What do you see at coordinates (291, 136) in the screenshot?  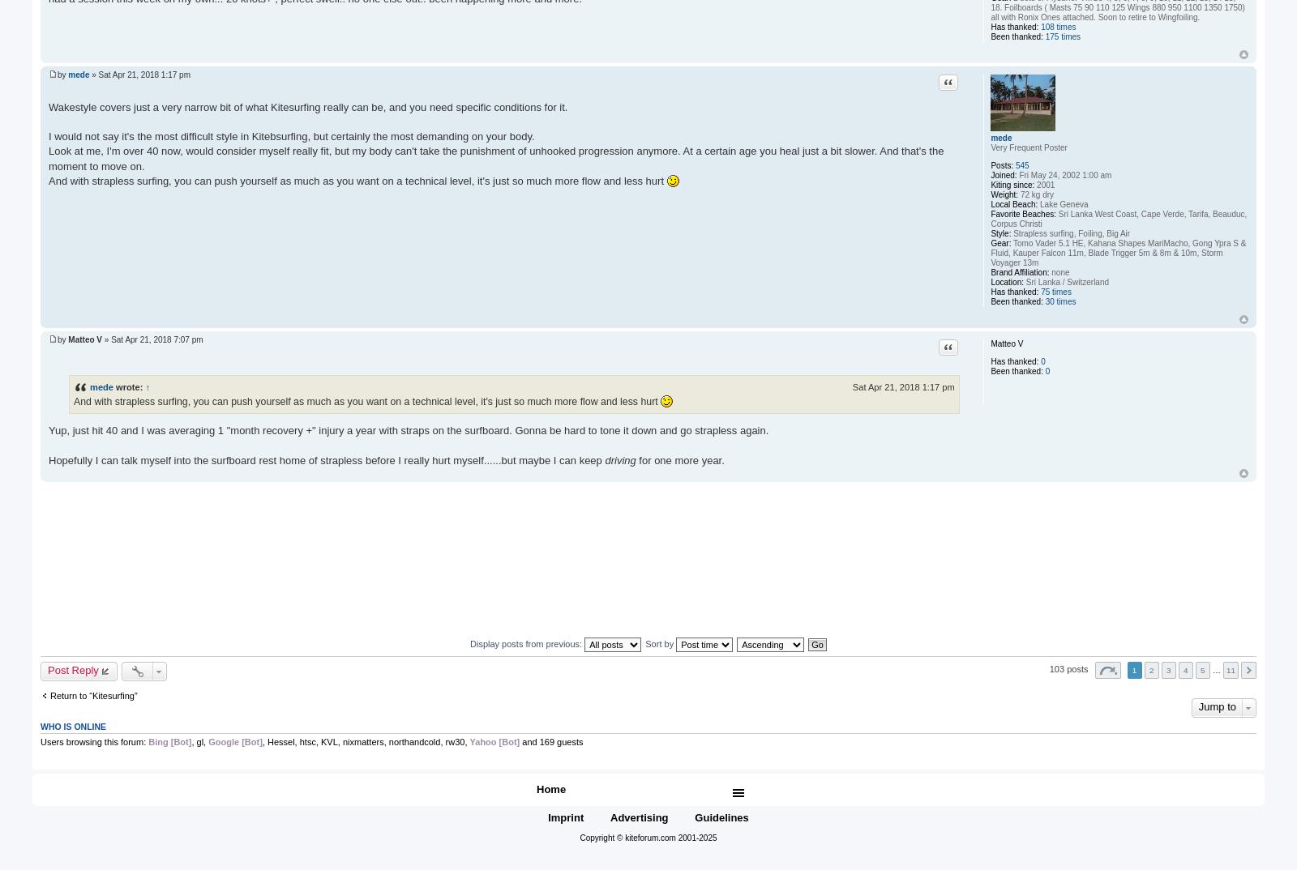 I see `'I would not say it's the most difficult style in Kitebsurfing, but certainly the most demanding on your body.'` at bounding box center [291, 136].